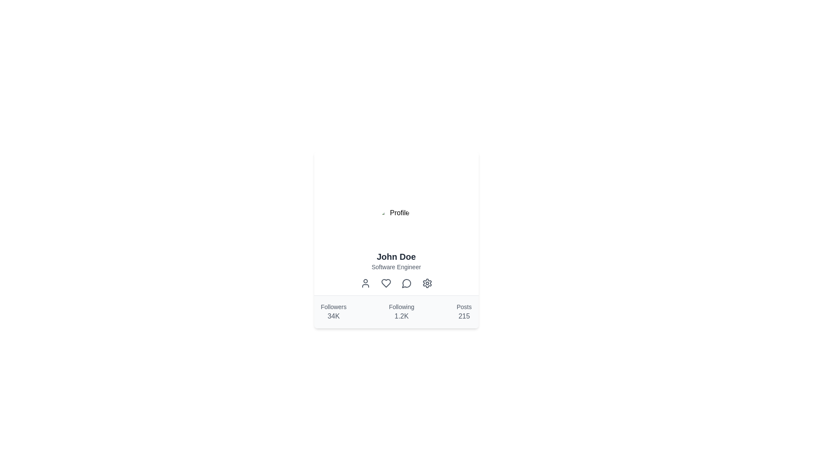  I want to click on statistics displayed in the Text display section of the user's profile, which includes 'Followers', 'Following', and 'Posts' with their respective numbers, so click(396, 312).